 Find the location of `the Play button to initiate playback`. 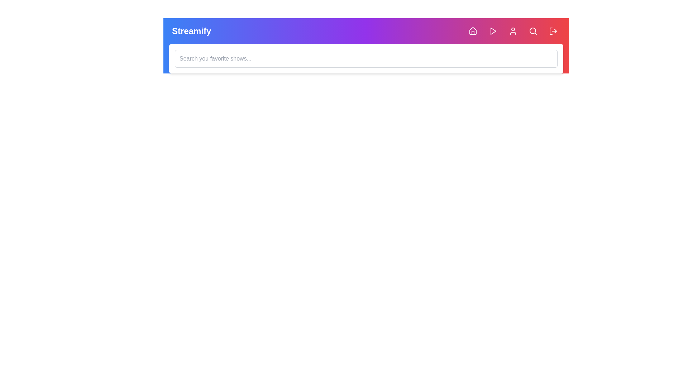

the Play button to initiate playback is located at coordinates (493, 31).